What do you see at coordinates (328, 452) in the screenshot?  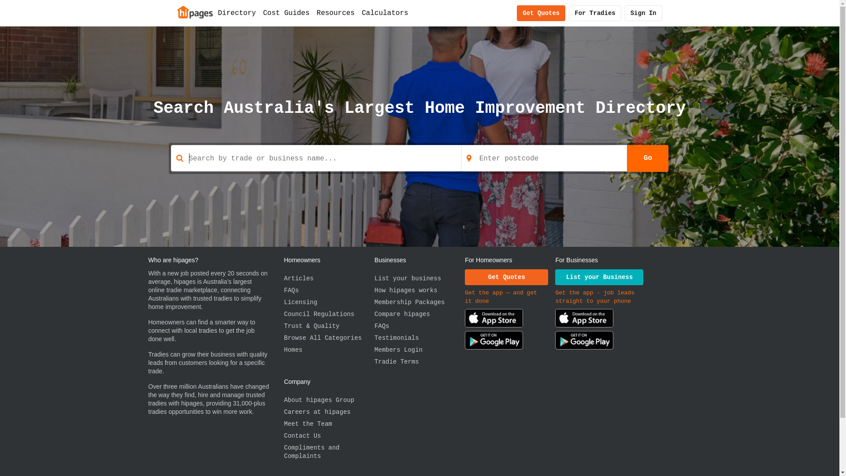 I see `'Compliments and Complaints'` at bounding box center [328, 452].